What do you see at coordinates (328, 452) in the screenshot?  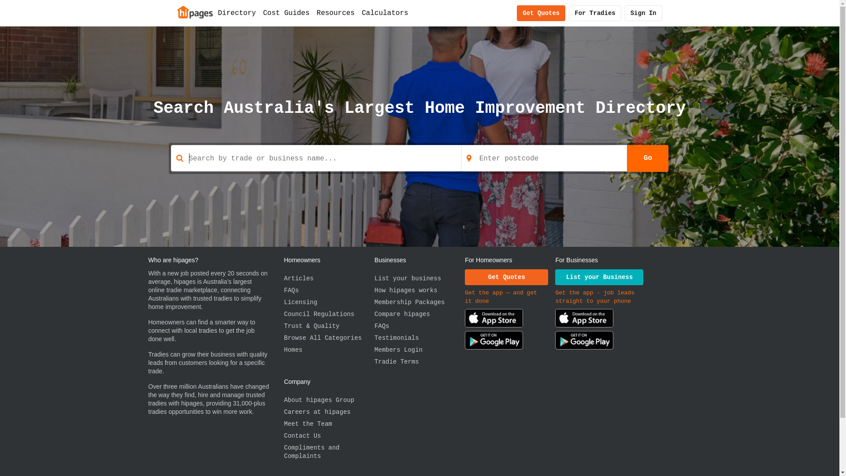 I see `'Compliments and Complaints'` at bounding box center [328, 452].